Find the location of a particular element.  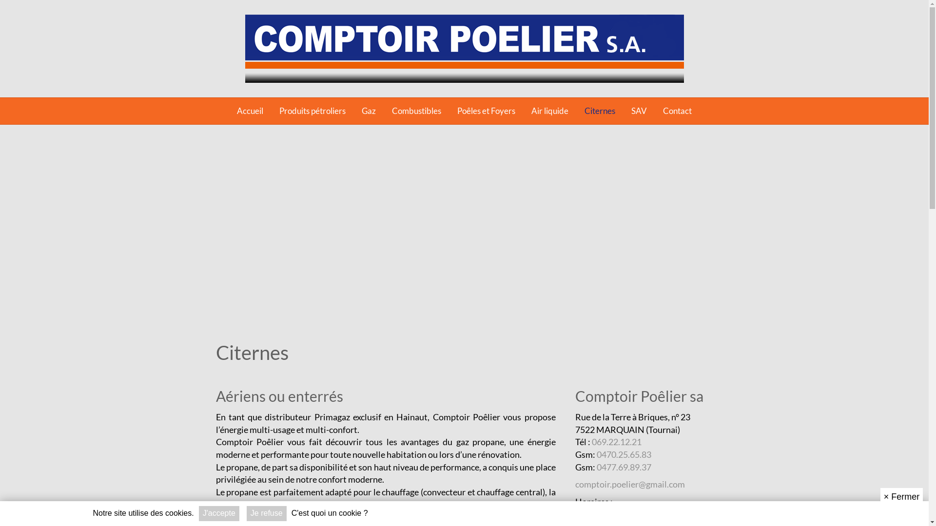

'Combustibles' is located at coordinates (416, 110).